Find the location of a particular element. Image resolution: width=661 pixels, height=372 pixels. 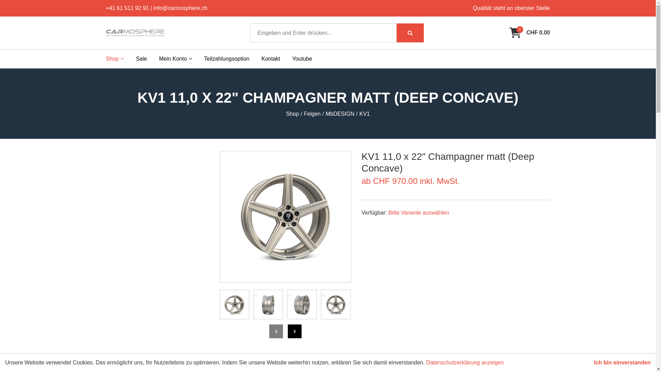

'KV1' is located at coordinates (364, 114).